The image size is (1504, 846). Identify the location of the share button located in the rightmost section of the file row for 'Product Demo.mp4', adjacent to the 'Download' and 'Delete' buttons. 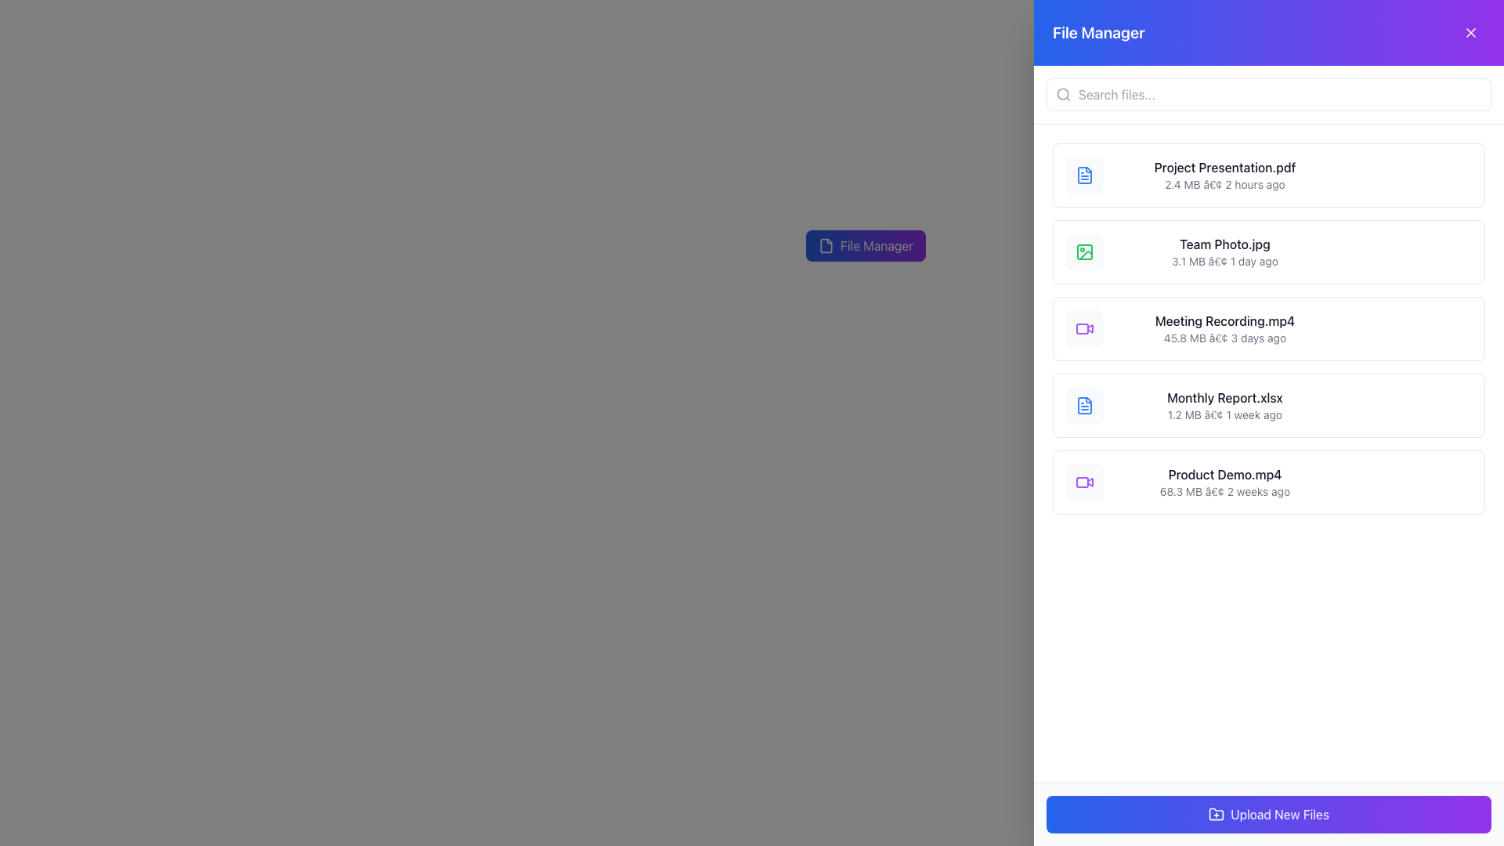
(1359, 482).